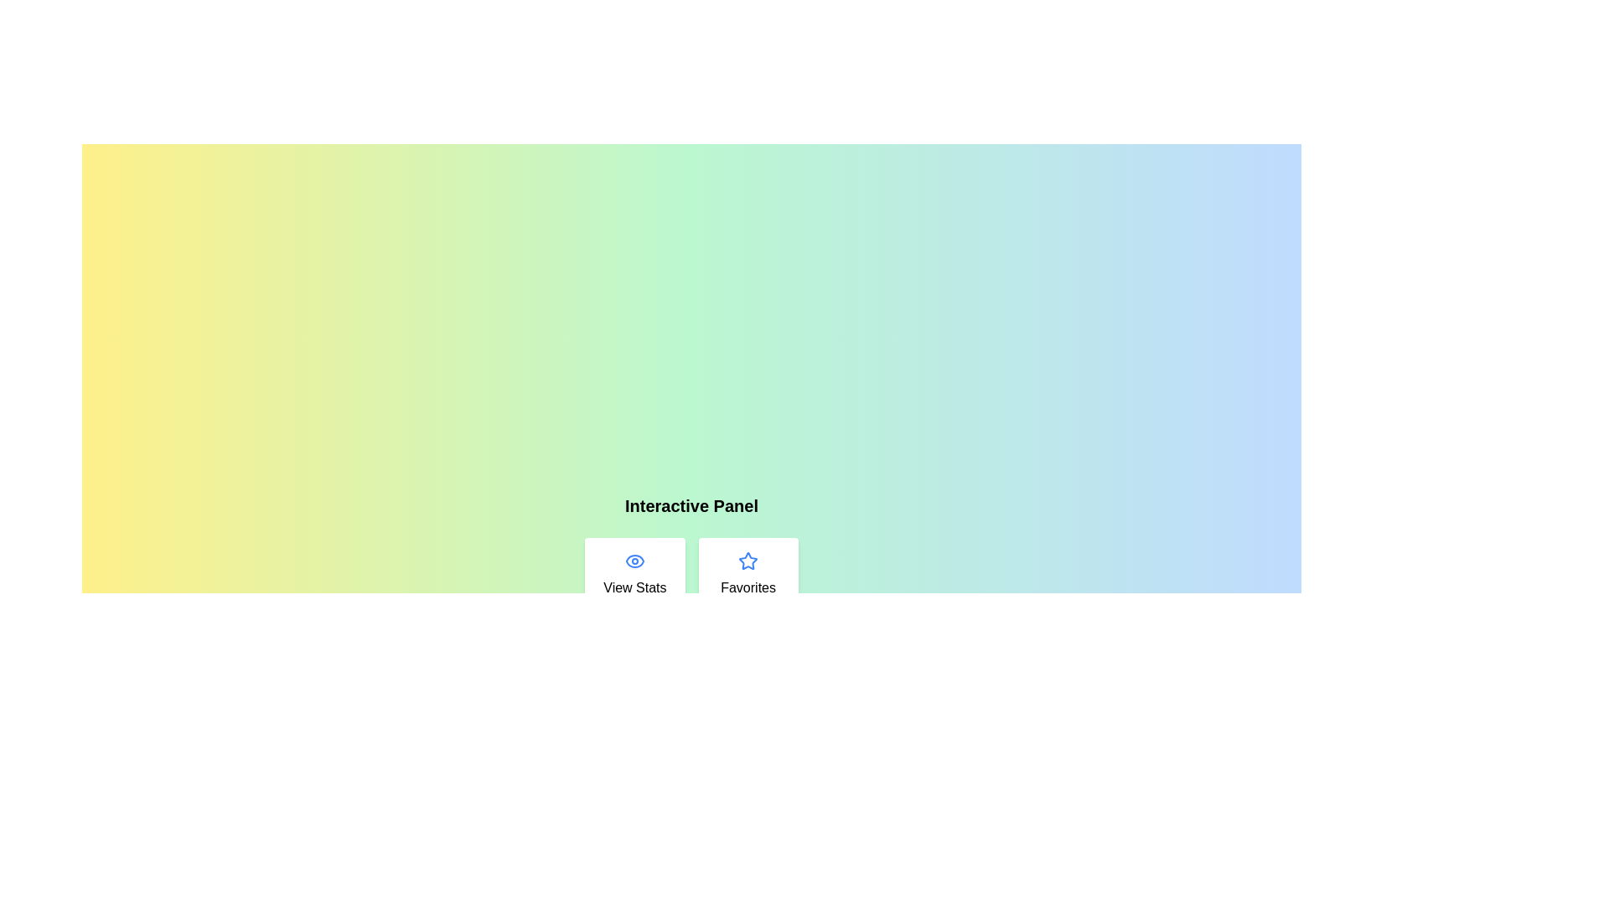 The image size is (1609, 905). Describe the element at coordinates (634, 574) in the screenshot. I see `the 'View Stats' button, which is a rectangular button with a white background and rounded corners, located in the top-left corner of a 2x2 grid layout` at that location.